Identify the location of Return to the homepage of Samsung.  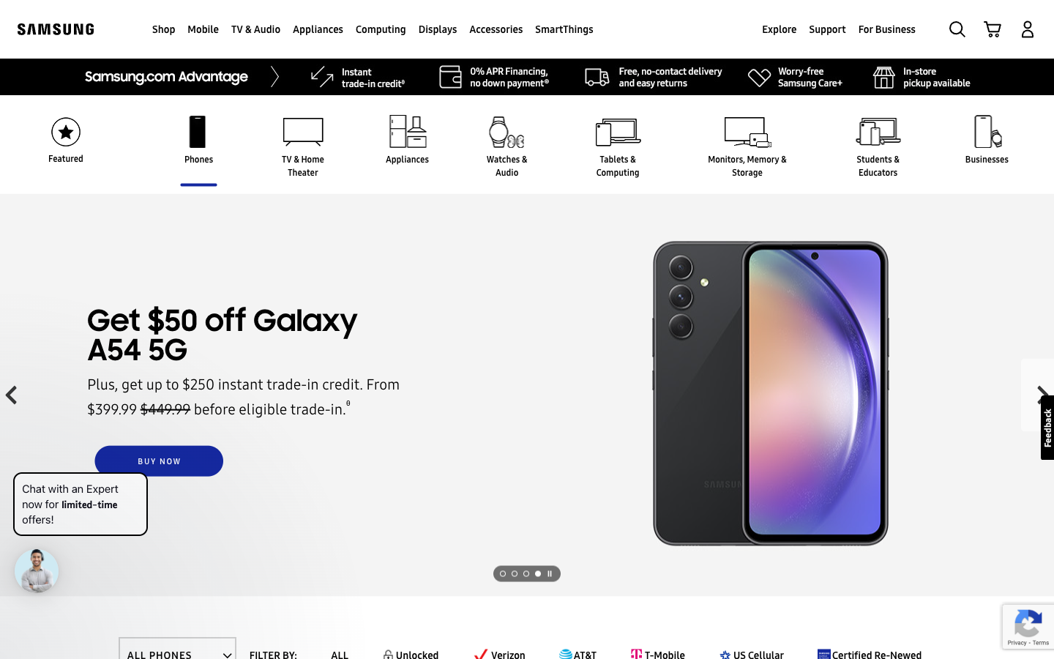
(56, 28).